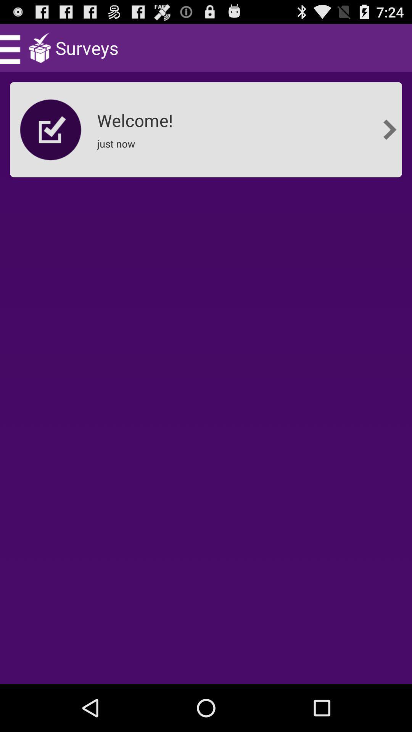 The width and height of the screenshot is (412, 732). What do you see at coordinates (51, 130) in the screenshot?
I see `item next to the welcome!` at bounding box center [51, 130].